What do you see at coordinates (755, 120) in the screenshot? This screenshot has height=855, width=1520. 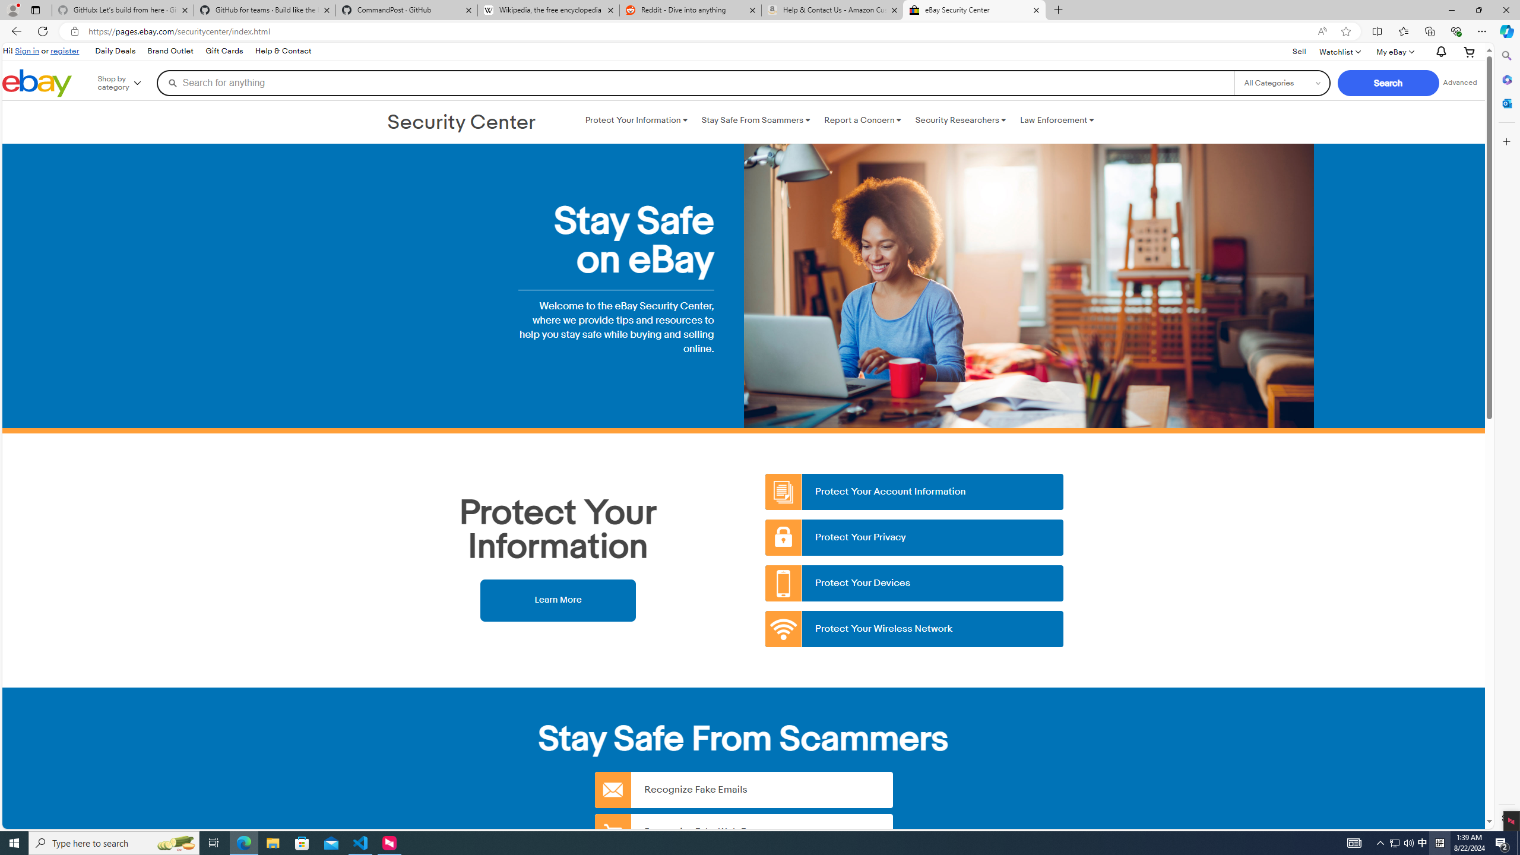 I see `'Stay Safe From Scammers '` at bounding box center [755, 120].